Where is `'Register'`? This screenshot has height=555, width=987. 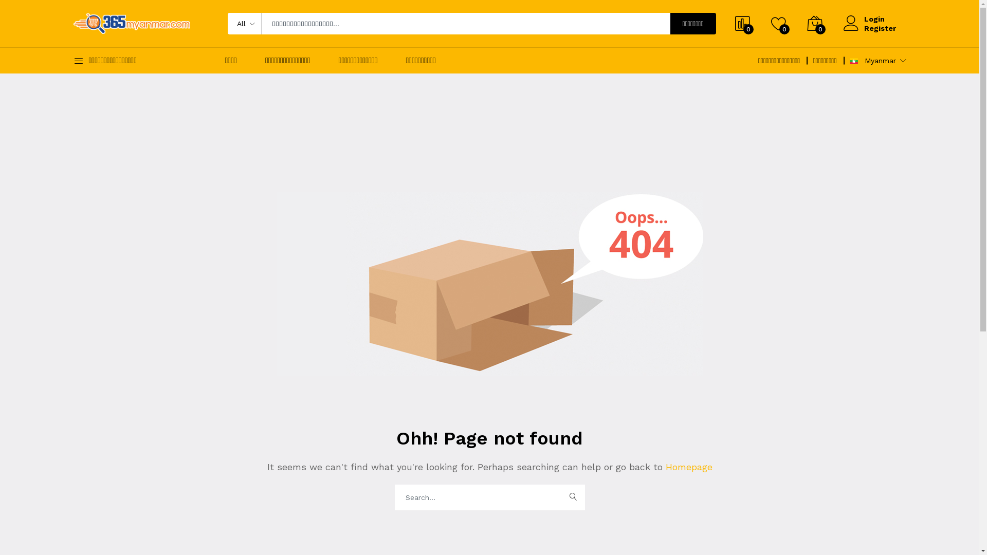 'Register' is located at coordinates (879, 27).